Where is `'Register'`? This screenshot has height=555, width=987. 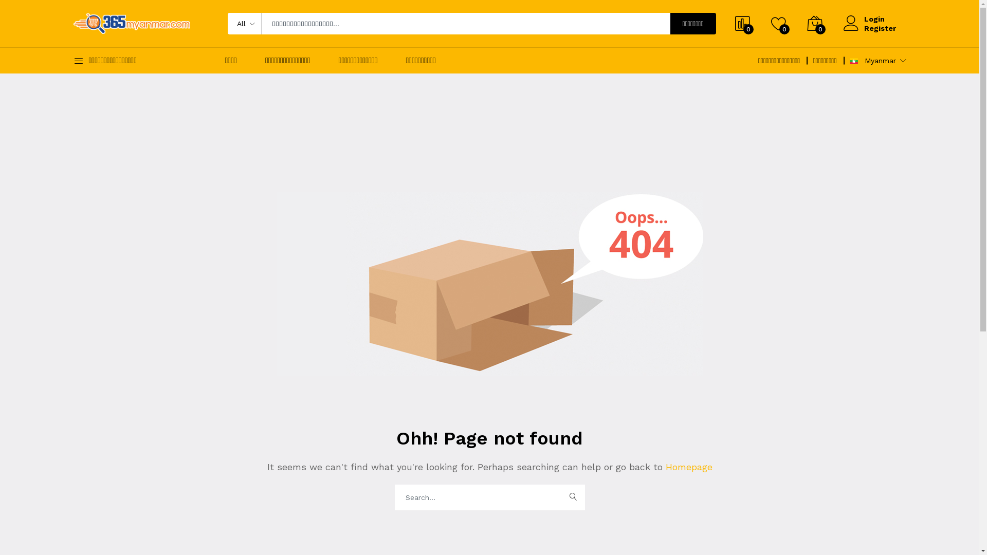 'Register' is located at coordinates (879, 27).